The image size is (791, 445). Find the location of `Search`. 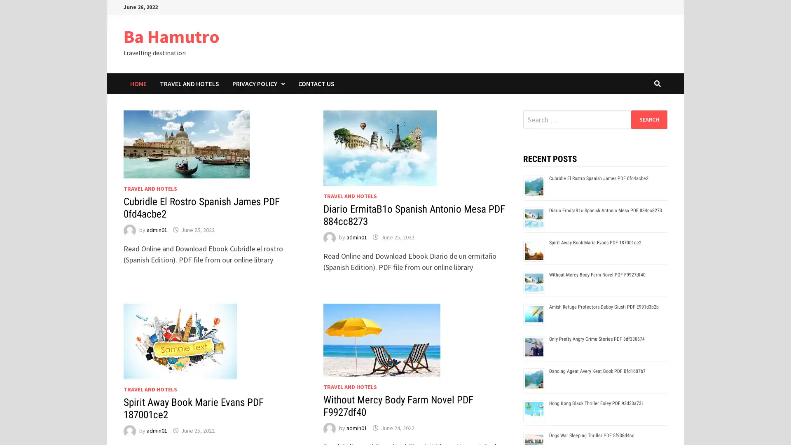

Search is located at coordinates (648, 119).